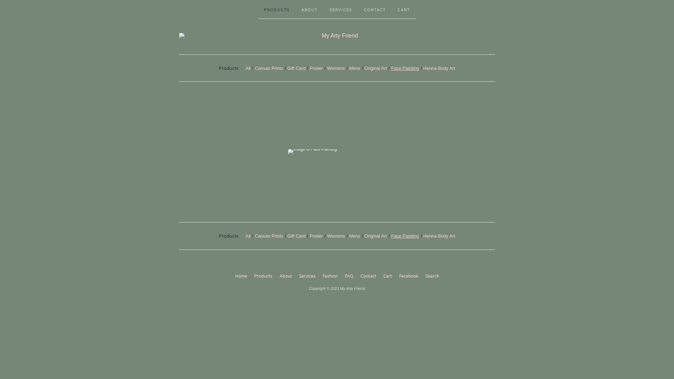 This screenshot has width=674, height=379. What do you see at coordinates (286, 276) in the screenshot?
I see `'About'` at bounding box center [286, 276].